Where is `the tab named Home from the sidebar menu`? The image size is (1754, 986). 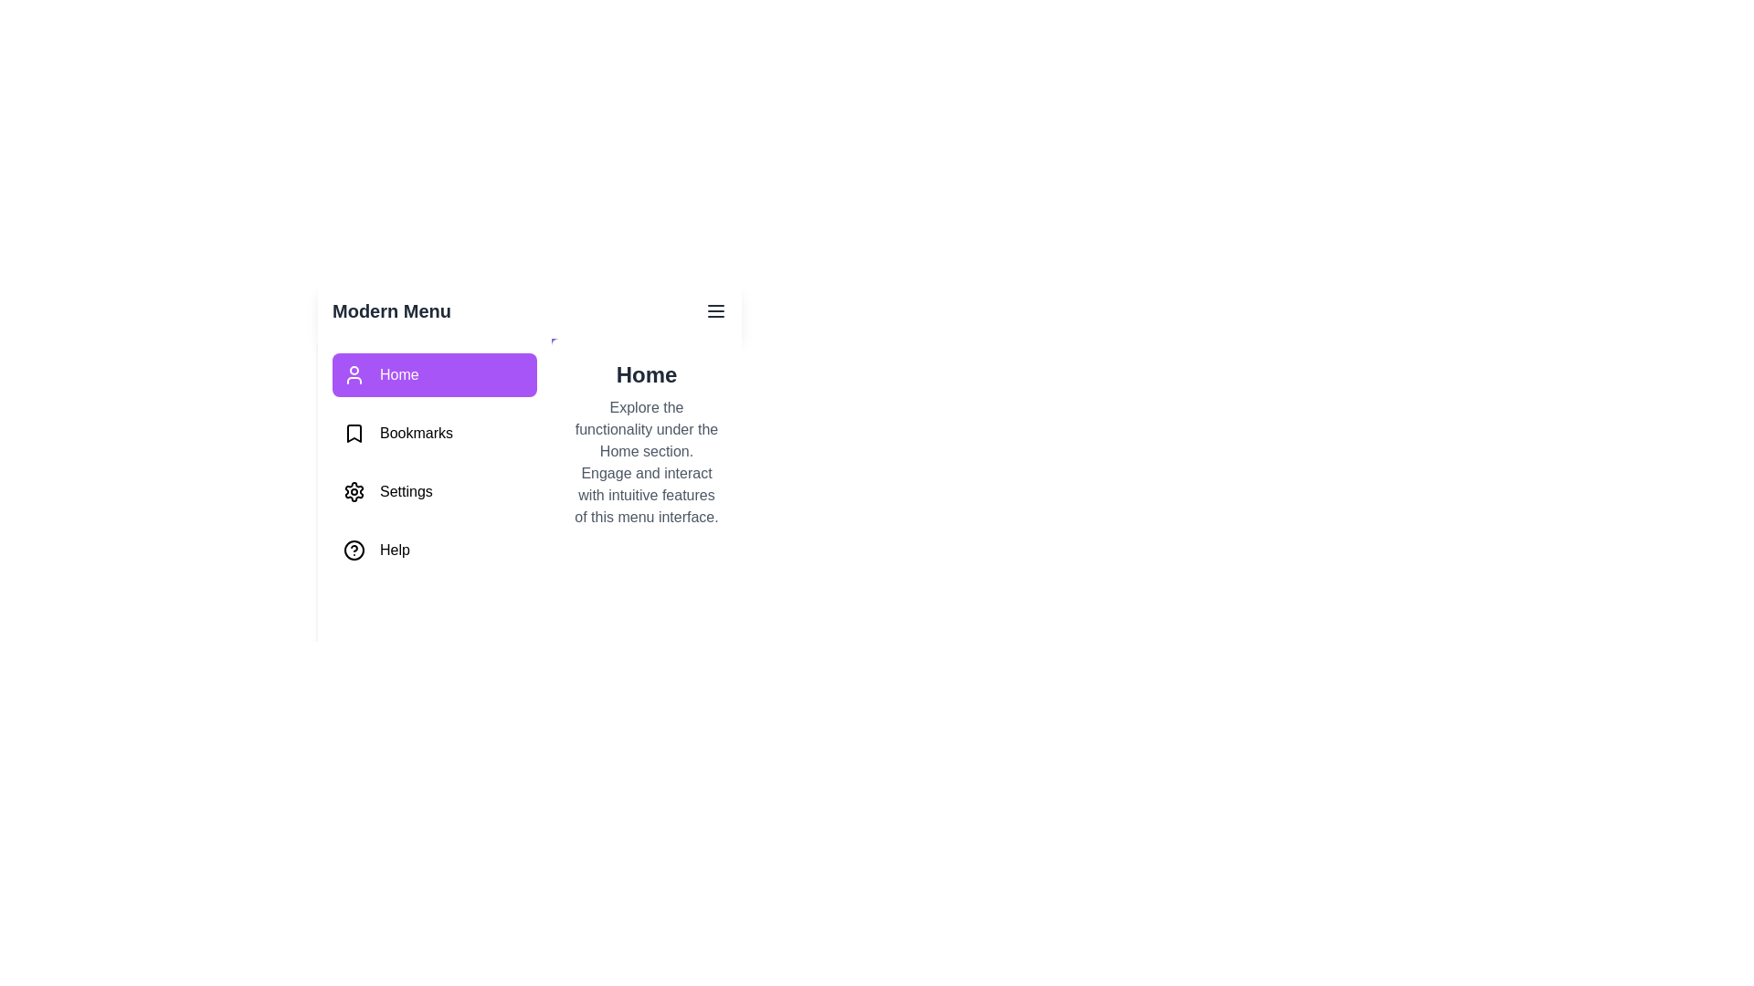 the tab named Home from the sidebar menu is located at coordinates (433, 374).